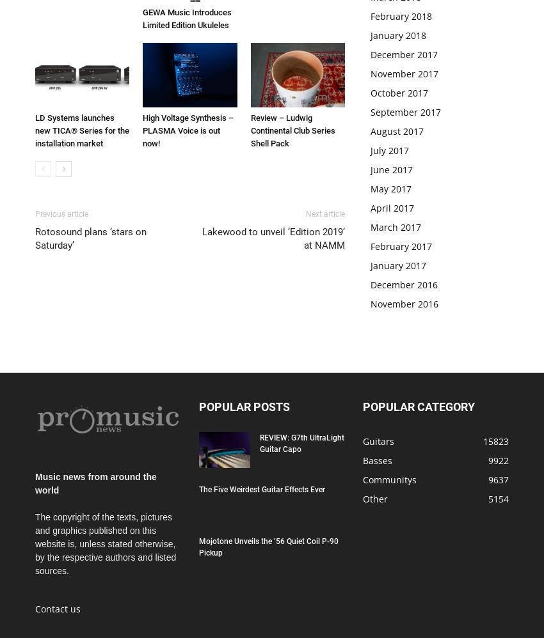  I want to click on 'Other', so click(375, 498).